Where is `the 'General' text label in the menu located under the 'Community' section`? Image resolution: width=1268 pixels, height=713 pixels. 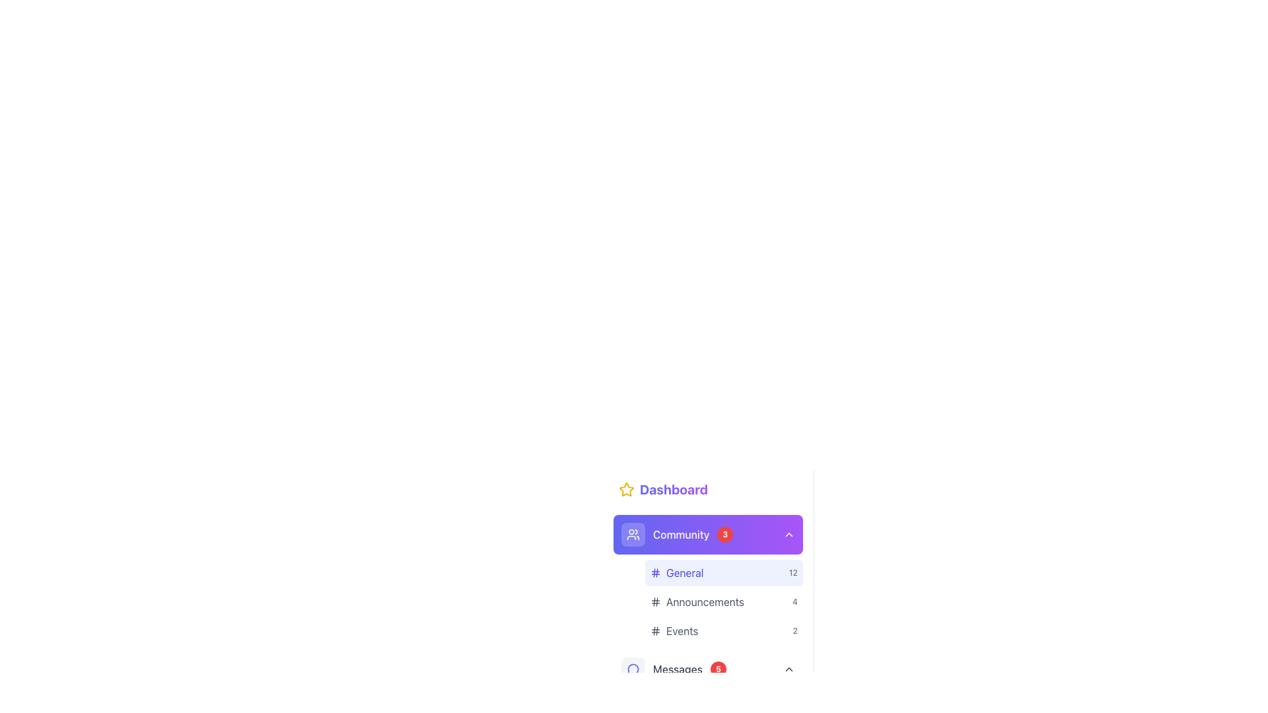
the 'General' text label in the menu located under the 'Community' section is located at coordinates (685, 572).